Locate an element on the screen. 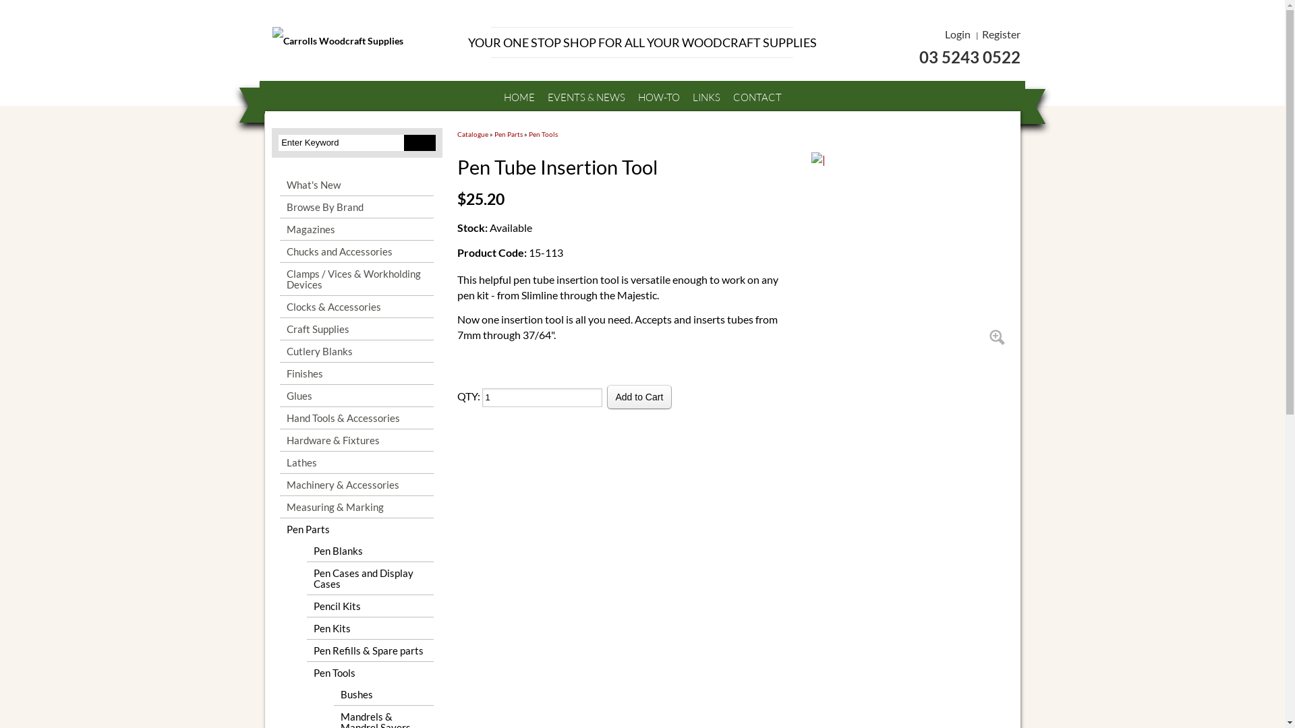 Image resolution: width=1295 pixels, height=728 pixels. 'Pen Blanks' is located at coordinates (370, 551).